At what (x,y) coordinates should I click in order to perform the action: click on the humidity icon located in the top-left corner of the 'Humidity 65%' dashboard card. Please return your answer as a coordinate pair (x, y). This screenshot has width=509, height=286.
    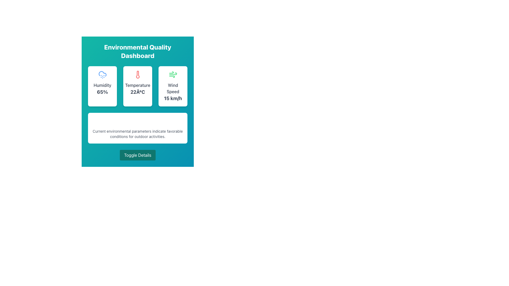
    Looking at the image, I should click on (102, 74).